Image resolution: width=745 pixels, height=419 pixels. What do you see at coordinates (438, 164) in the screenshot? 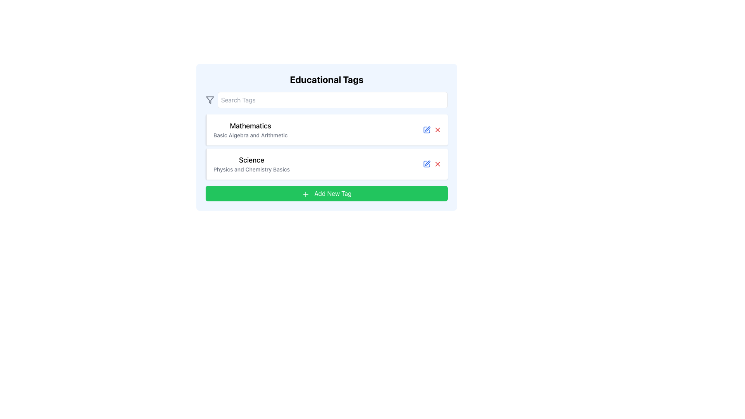
I see `the red 'X' icon` at bounding box center [438, 164].